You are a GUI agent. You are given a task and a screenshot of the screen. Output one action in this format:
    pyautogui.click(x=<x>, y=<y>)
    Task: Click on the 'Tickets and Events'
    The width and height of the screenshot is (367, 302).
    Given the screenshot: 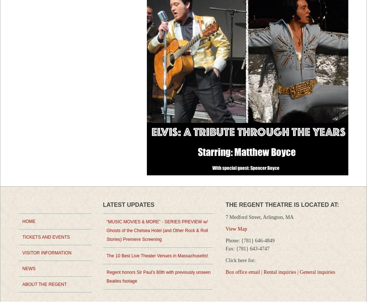 What is the action you would take?
    pyautogui.click(x=45, y=237)
    